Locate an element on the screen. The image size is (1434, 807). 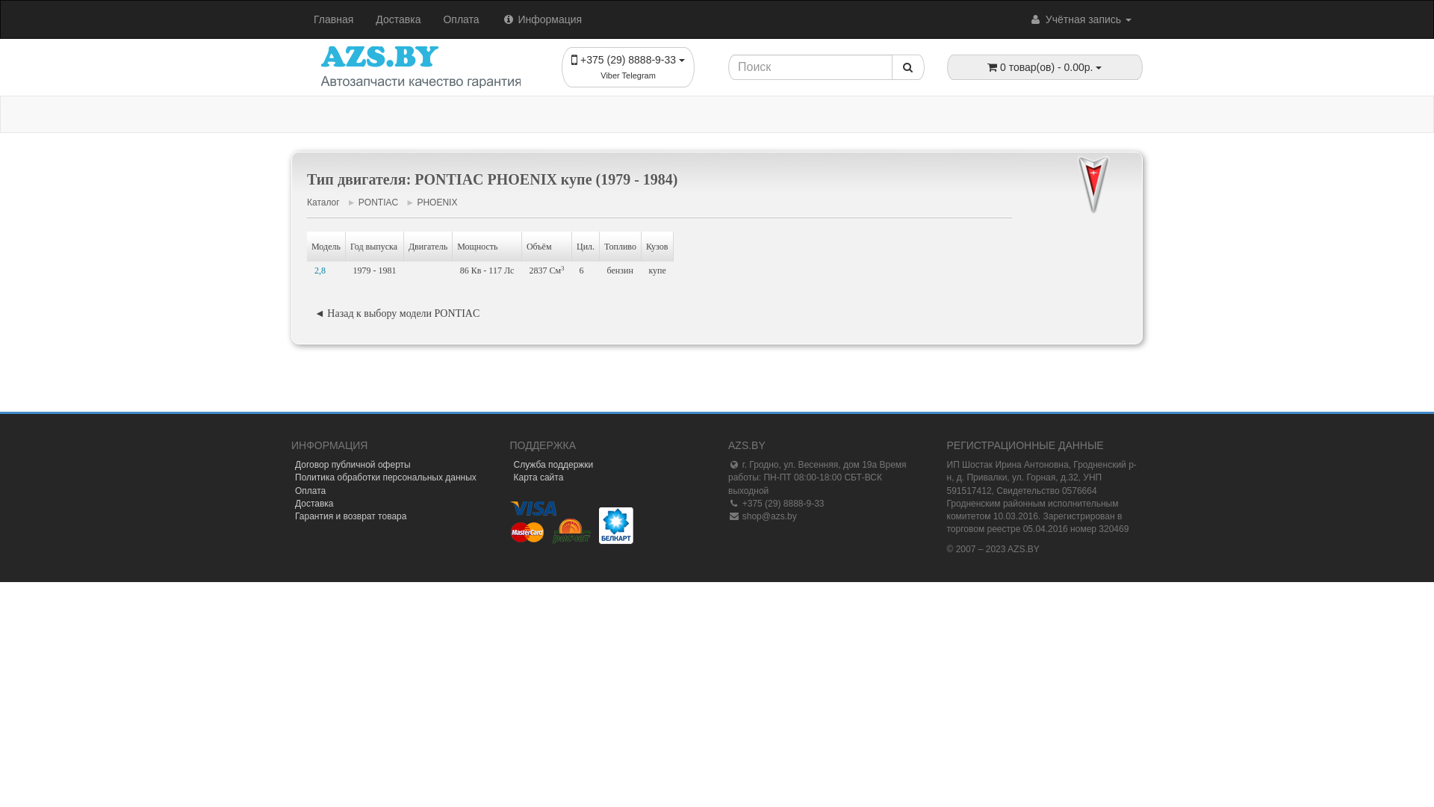
'2,8' is located at coordinates (325, 270).